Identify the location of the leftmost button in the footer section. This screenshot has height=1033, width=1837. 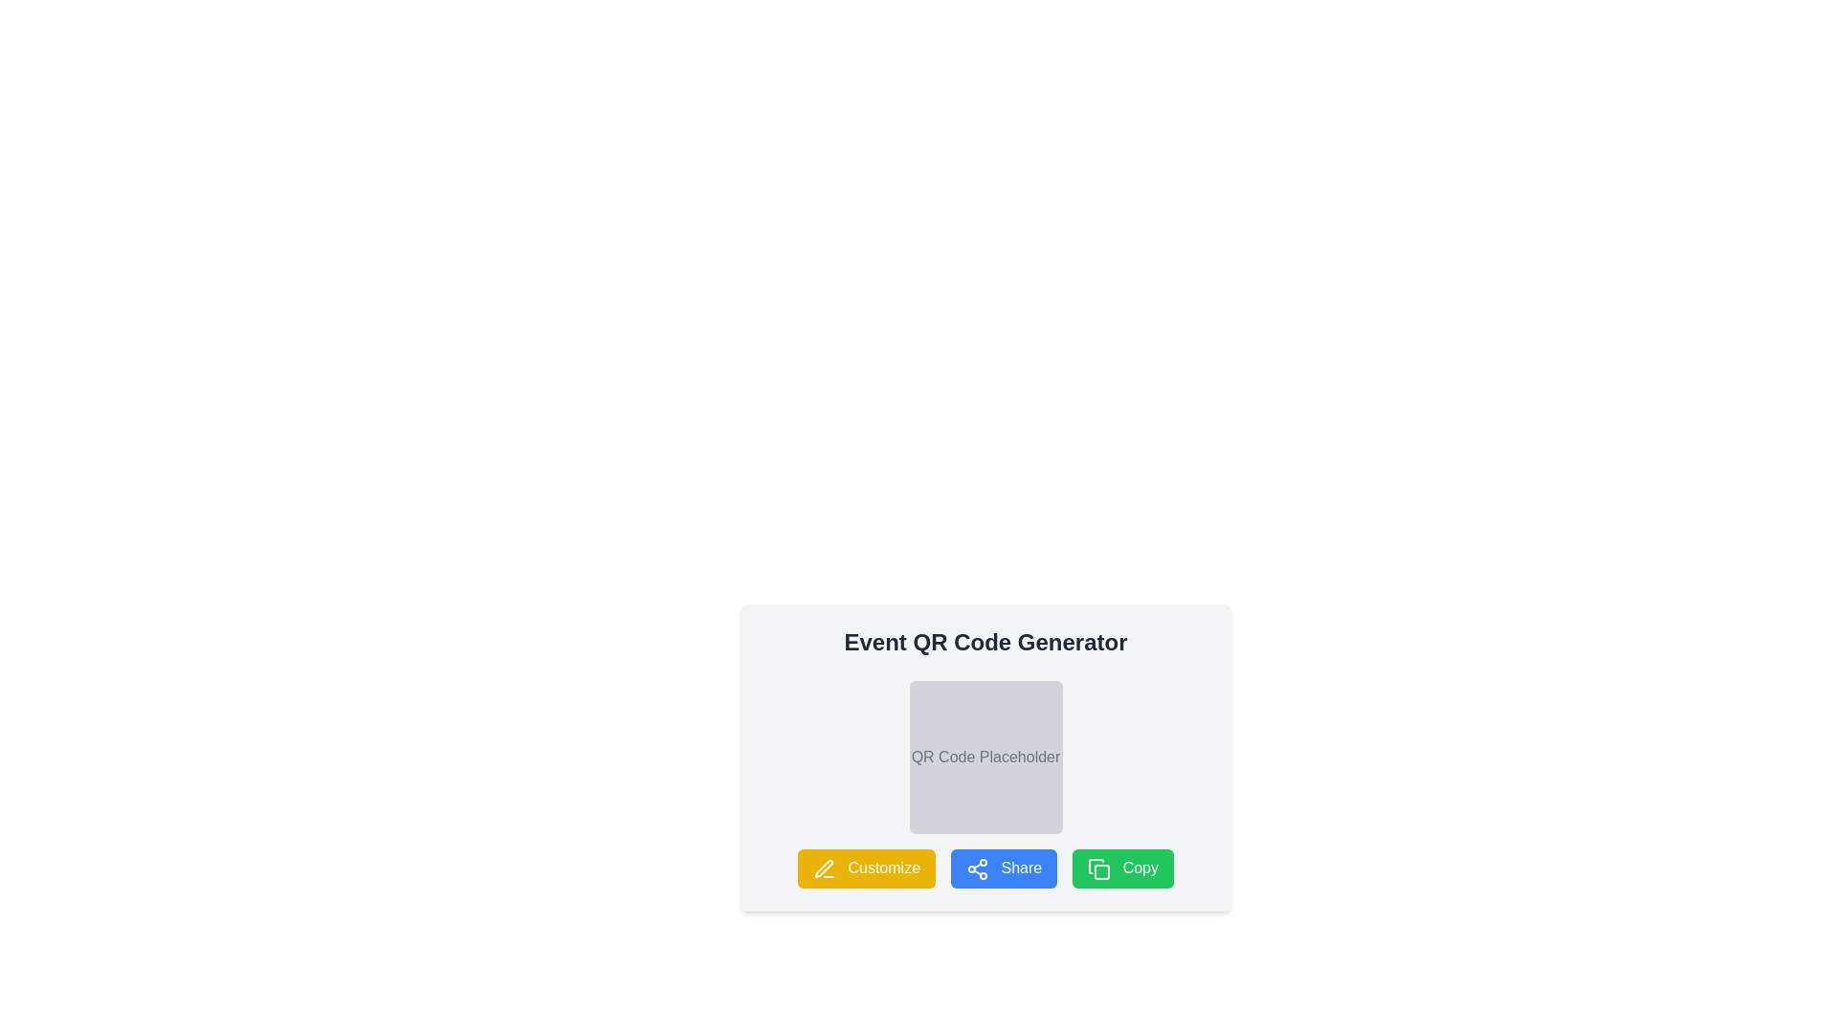
(866, 868).